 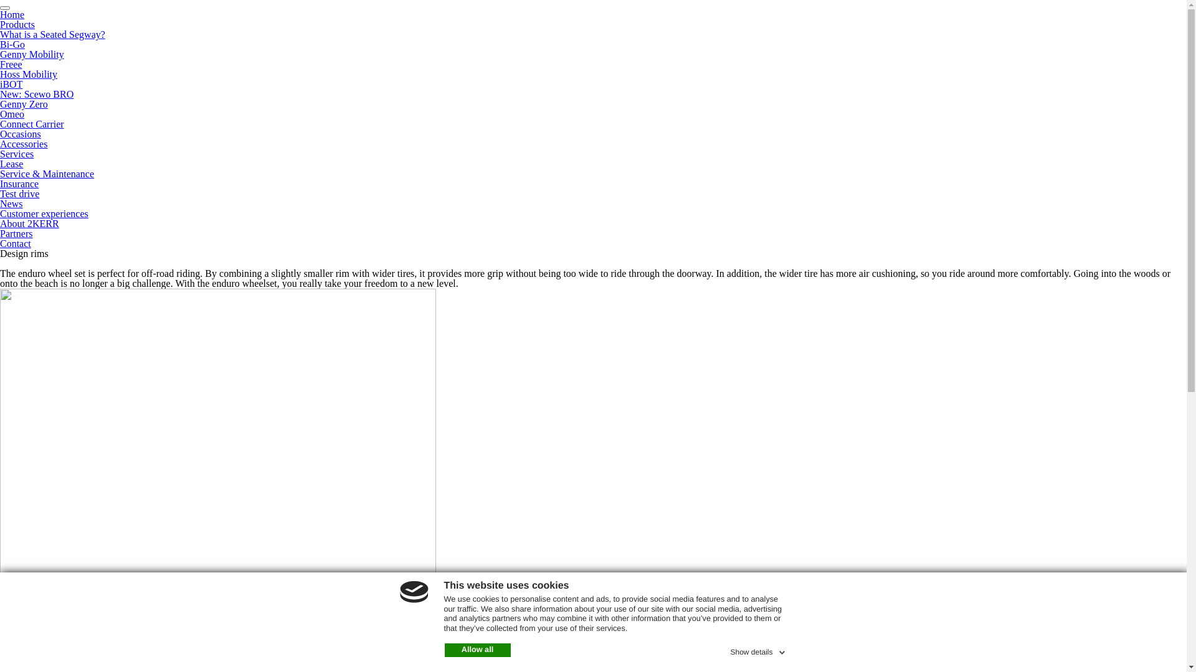 What do you see at coordinates (0, 14) in the screenshot?
I see `'Home'` at bounding box center [0, 14].